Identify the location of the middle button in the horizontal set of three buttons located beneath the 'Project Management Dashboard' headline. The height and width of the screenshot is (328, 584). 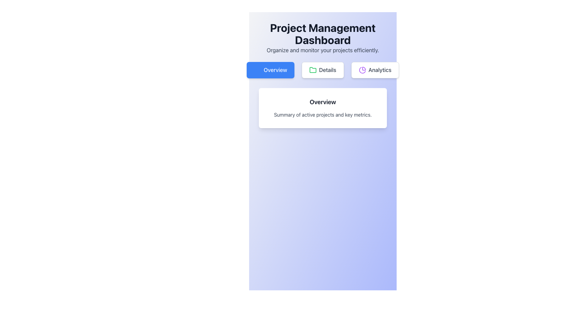
(322, 70).